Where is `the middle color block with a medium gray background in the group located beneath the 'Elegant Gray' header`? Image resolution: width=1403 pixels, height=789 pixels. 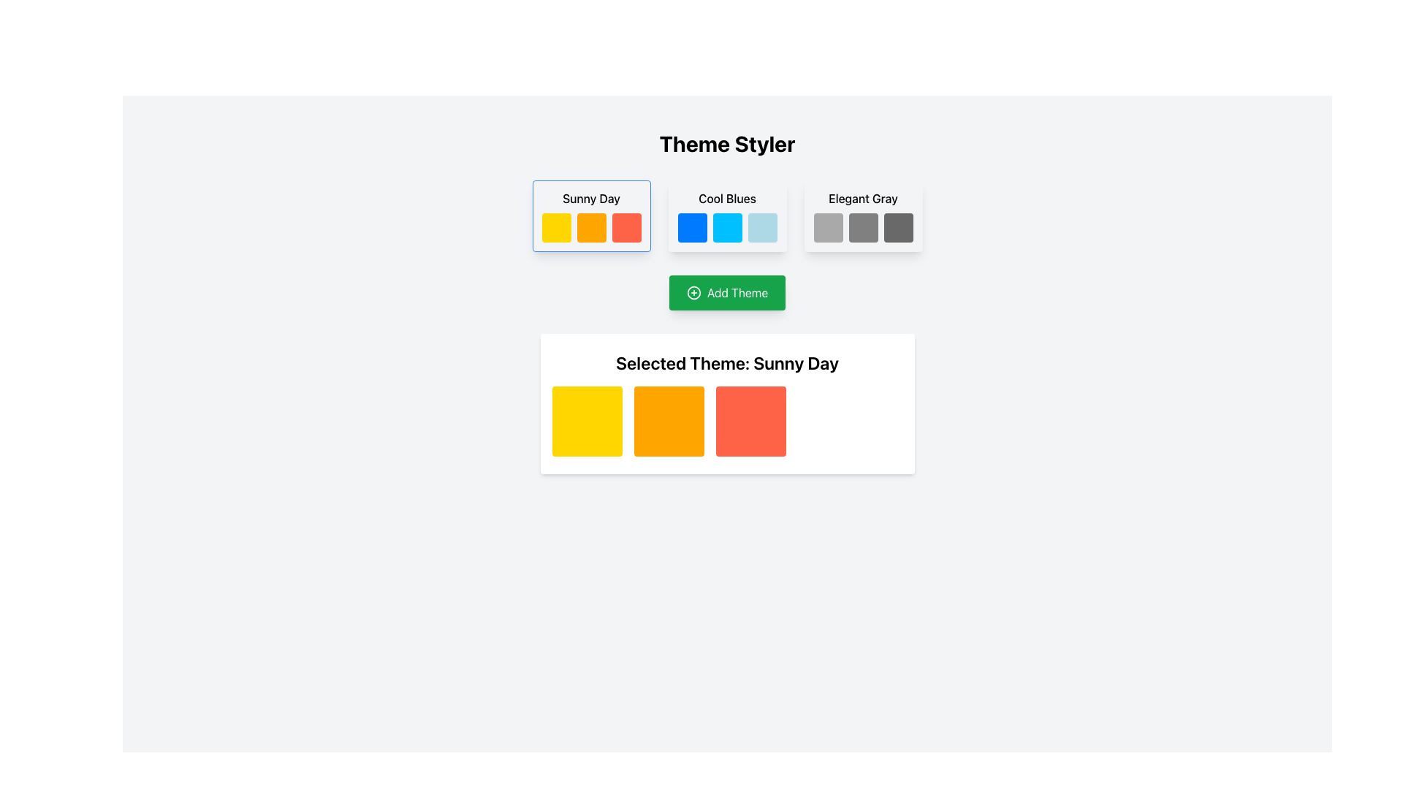
the middle color block with a medium gray background in the group located beneath the 'Elegant Gray' header is located at coordinates (863, 228).